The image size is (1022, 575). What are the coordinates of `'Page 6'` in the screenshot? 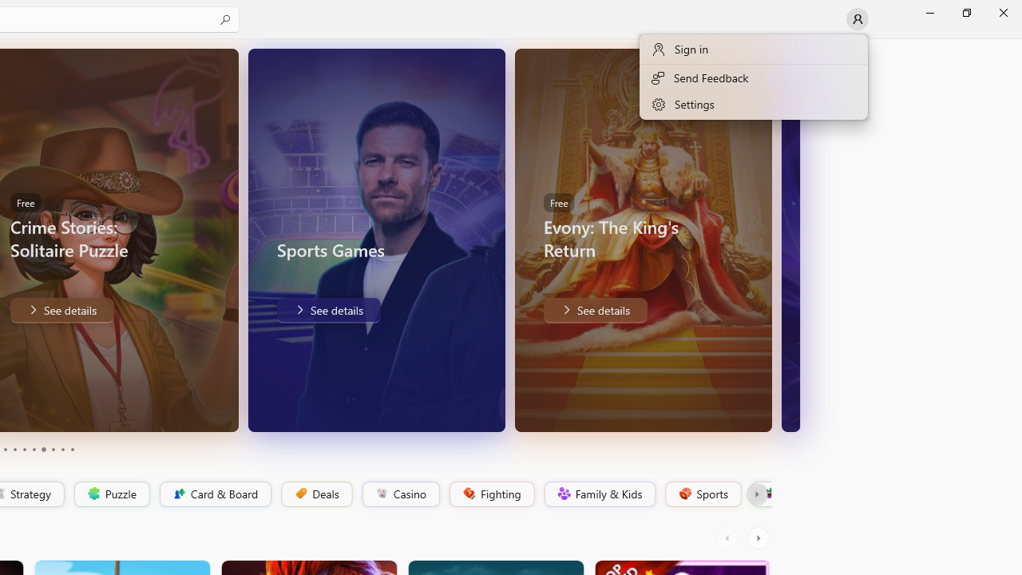 It's located at (34, 450).